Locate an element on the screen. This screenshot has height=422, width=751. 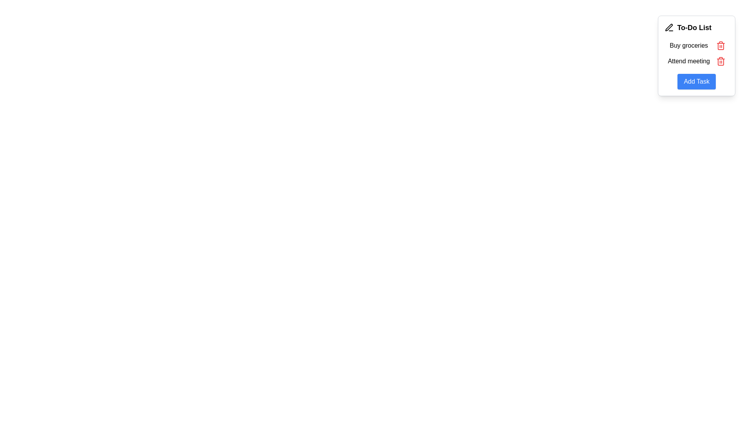
the 'Attend meeting' list item, which includes a text label and a trash icon is located at coordinates (697, 61).